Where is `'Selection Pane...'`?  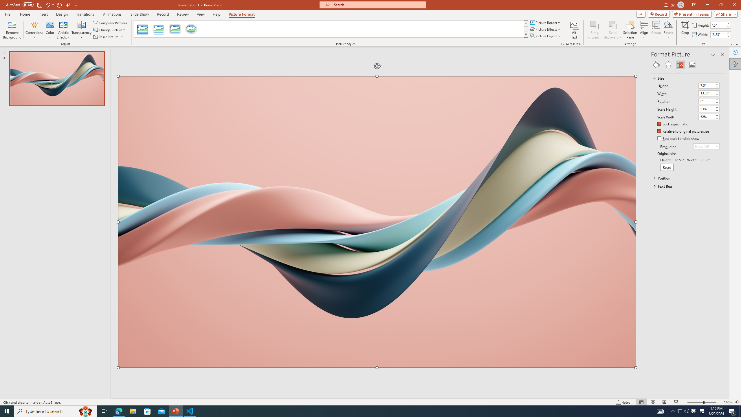
'Selection Pane...' is located at coordinates (630, 30).